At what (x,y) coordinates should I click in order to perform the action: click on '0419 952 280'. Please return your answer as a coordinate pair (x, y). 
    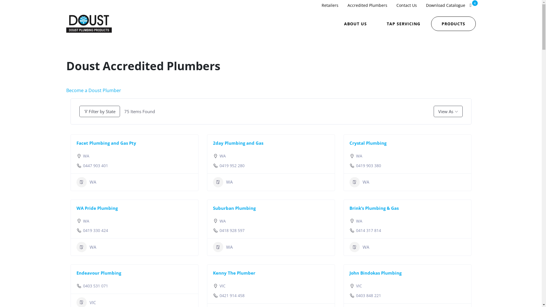
    Looking at the image, I should click on (232, 165).